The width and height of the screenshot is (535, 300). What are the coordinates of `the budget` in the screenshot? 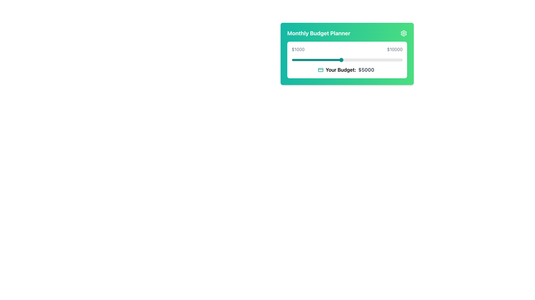 It's located at (344, 60).